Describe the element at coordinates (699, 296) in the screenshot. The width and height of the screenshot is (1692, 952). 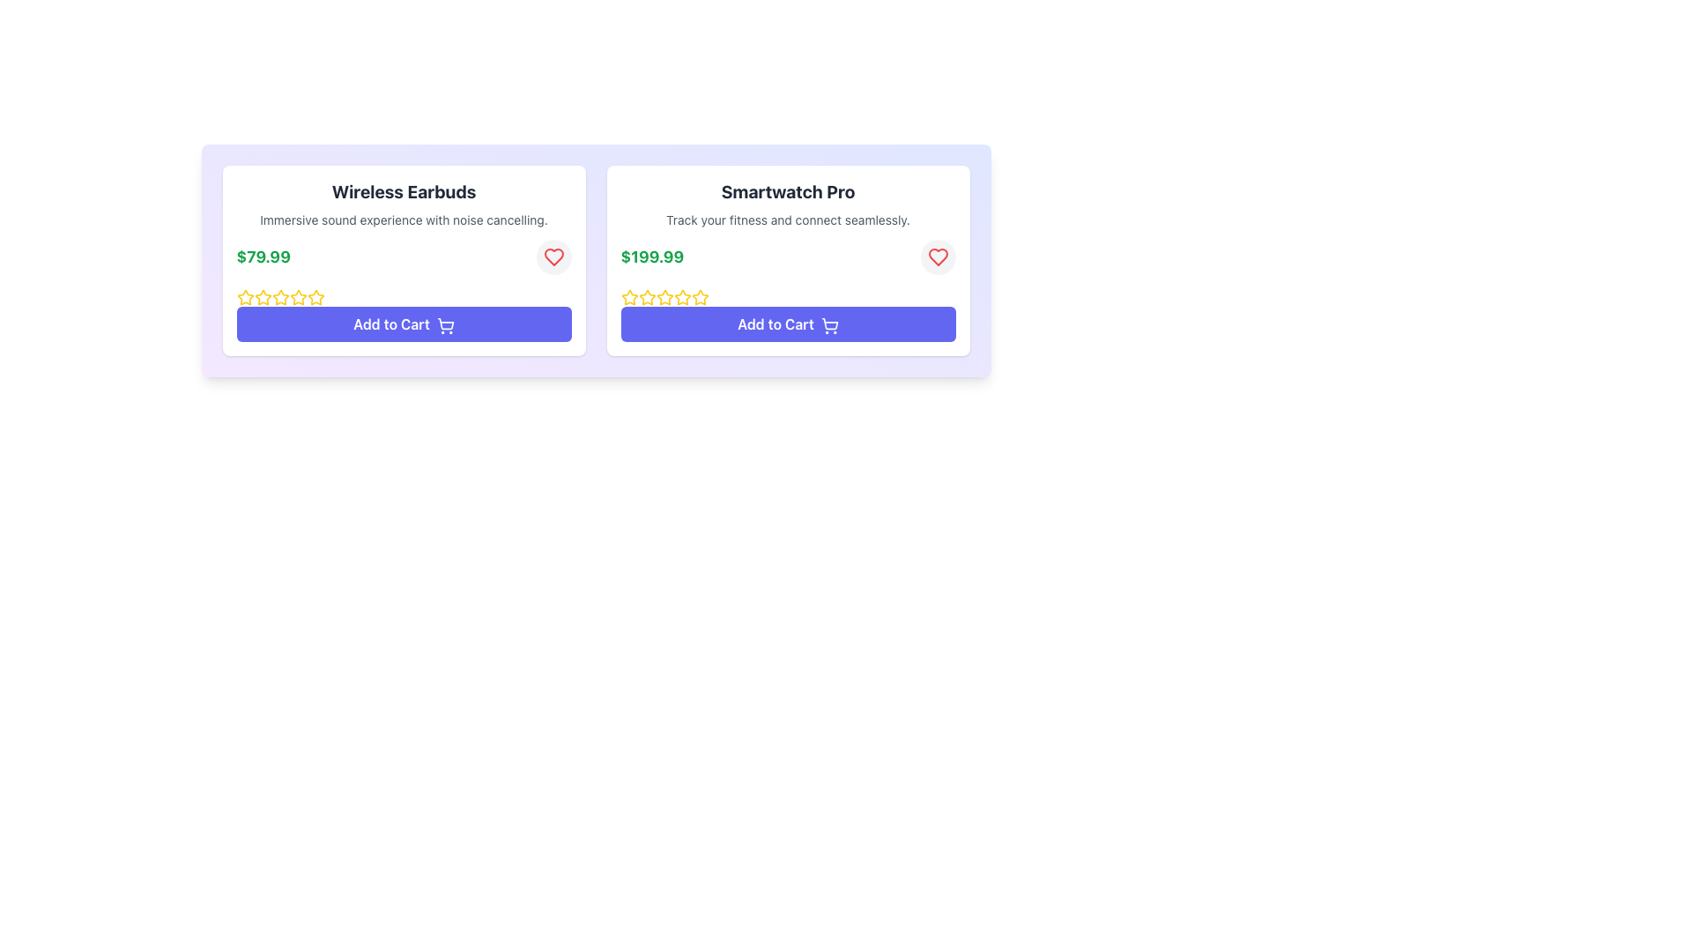
I see `the yellow star icon indicating the rating level, located beneath the price '$199.99' in the second product card and is the fourth star in a row of five stars` at that location.